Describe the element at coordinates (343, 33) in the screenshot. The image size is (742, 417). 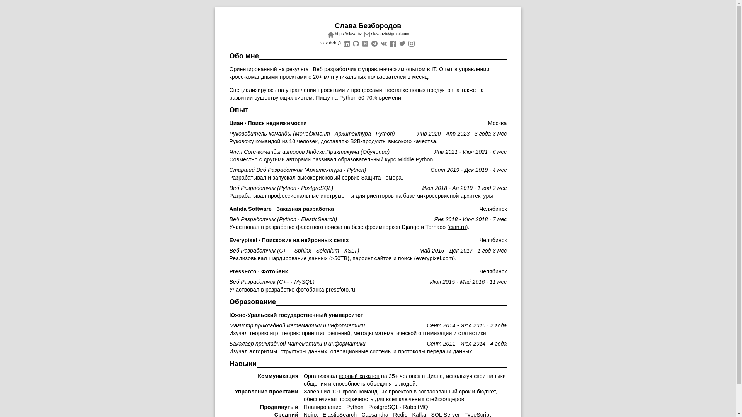
I see `'https://slava.bz'` at that location.